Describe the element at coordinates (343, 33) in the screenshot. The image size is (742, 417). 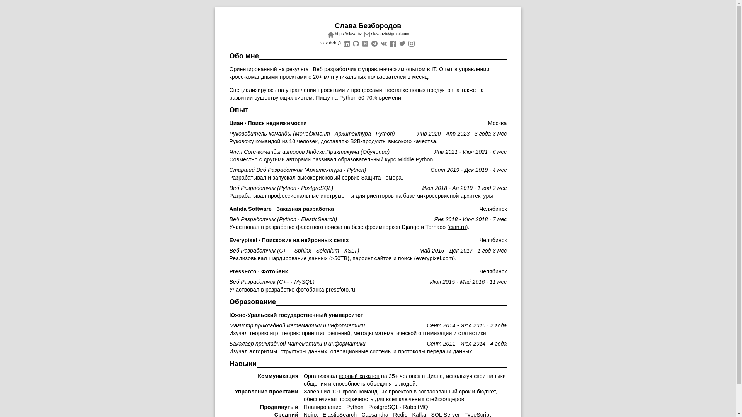
I see `'https://slava.bz'` at that location.